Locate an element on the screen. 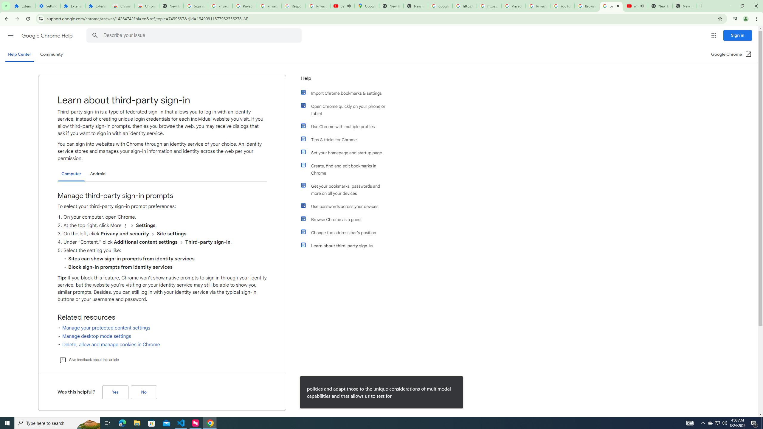 The width and height of the screenshot is (763, 429). 'No (Was this helpful?)' is located at coordinates (143, 392).